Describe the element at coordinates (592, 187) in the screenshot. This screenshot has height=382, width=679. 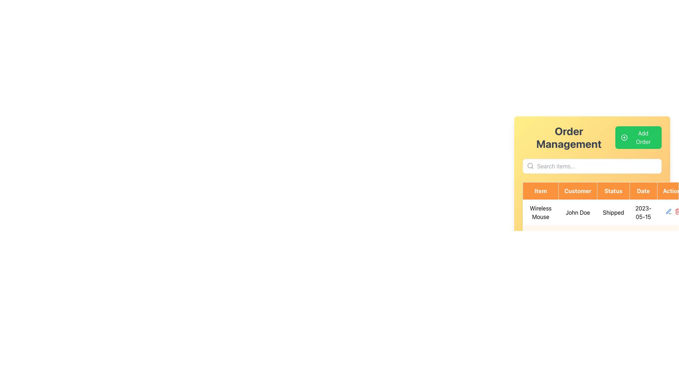
I see `the second header from the left in the table, which serves as a label for the associated data entries, located below the search bar` at that location.